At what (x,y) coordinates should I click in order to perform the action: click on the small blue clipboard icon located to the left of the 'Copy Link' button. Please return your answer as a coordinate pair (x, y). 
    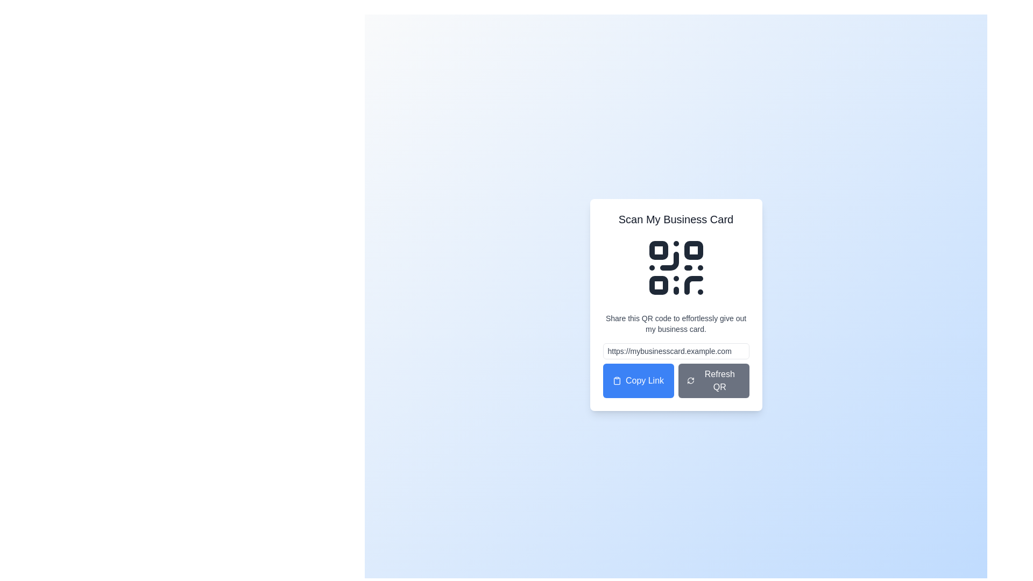
    Looking at the image, I should click on (617, 380).